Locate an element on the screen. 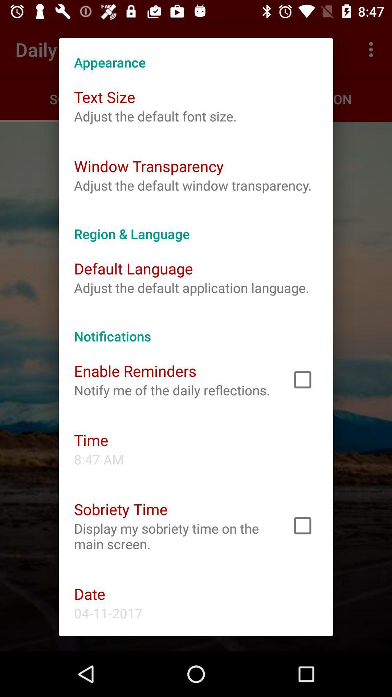 This screenshot has height=697, width=392. the display my sobriety is located at coordinates (173, 536).